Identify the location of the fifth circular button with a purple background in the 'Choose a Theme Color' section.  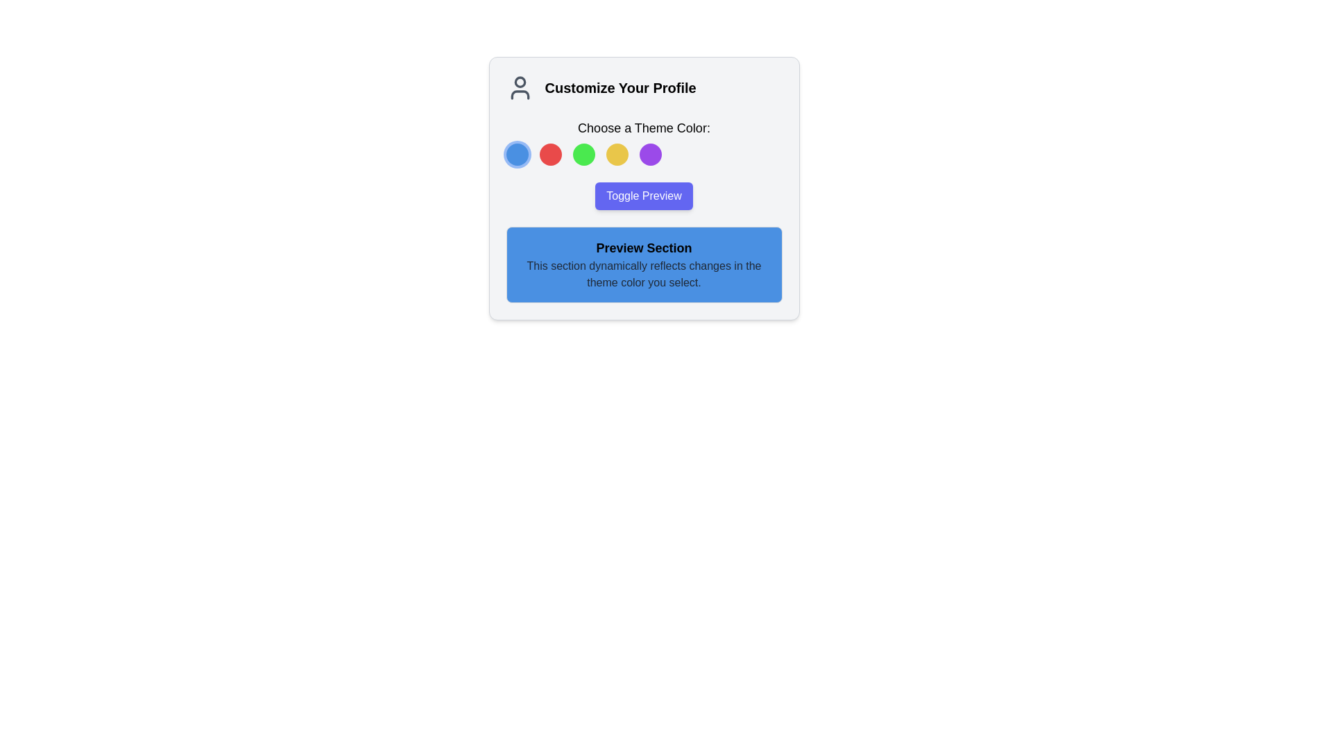
(649, 155).